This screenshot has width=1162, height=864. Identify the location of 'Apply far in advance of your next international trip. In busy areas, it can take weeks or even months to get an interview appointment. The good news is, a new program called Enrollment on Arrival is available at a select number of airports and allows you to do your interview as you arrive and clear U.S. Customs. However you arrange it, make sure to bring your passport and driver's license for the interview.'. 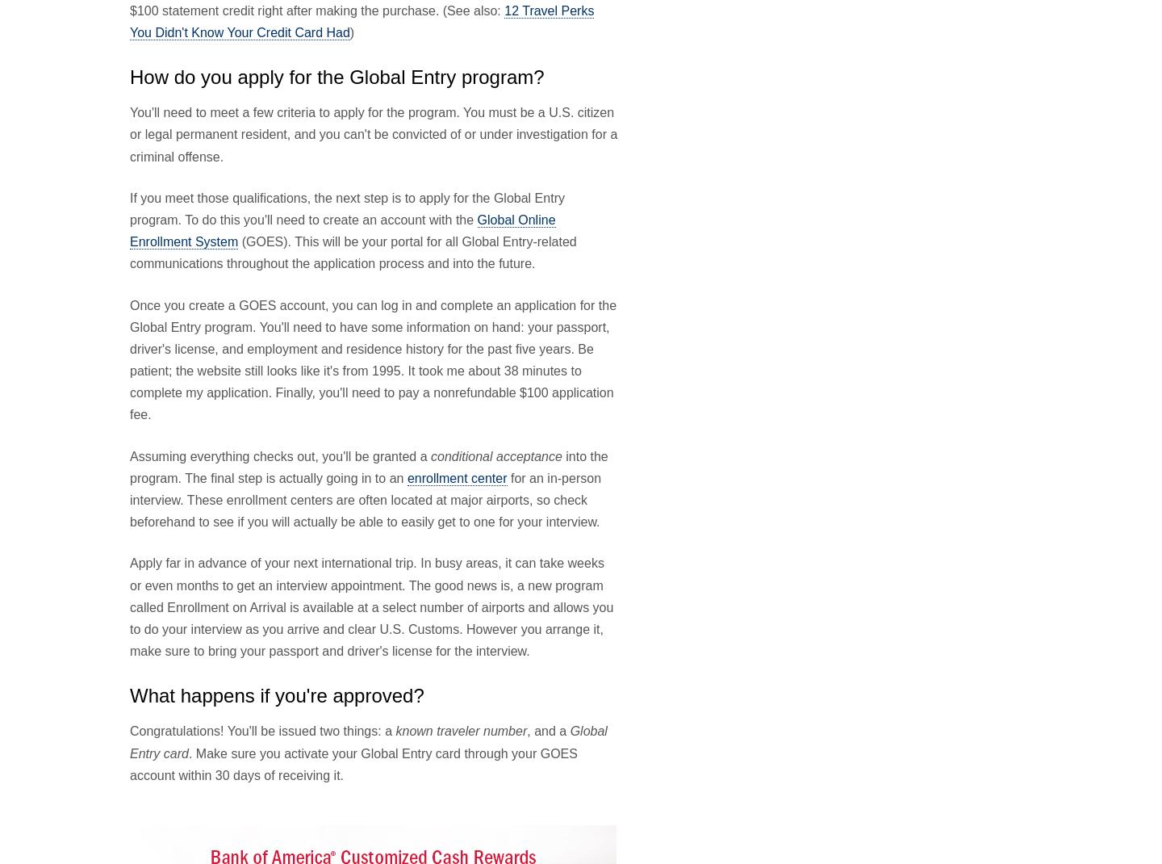
(371, 606).